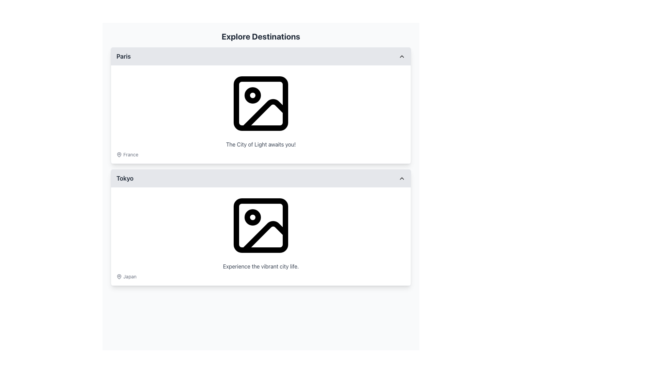 This screenshot has height=368, width=654. I want to click on the image placeholder icon located at the top-center of the 'Paris' card layout, above the text 'The City of Light awaits you!', so click(261, 104).